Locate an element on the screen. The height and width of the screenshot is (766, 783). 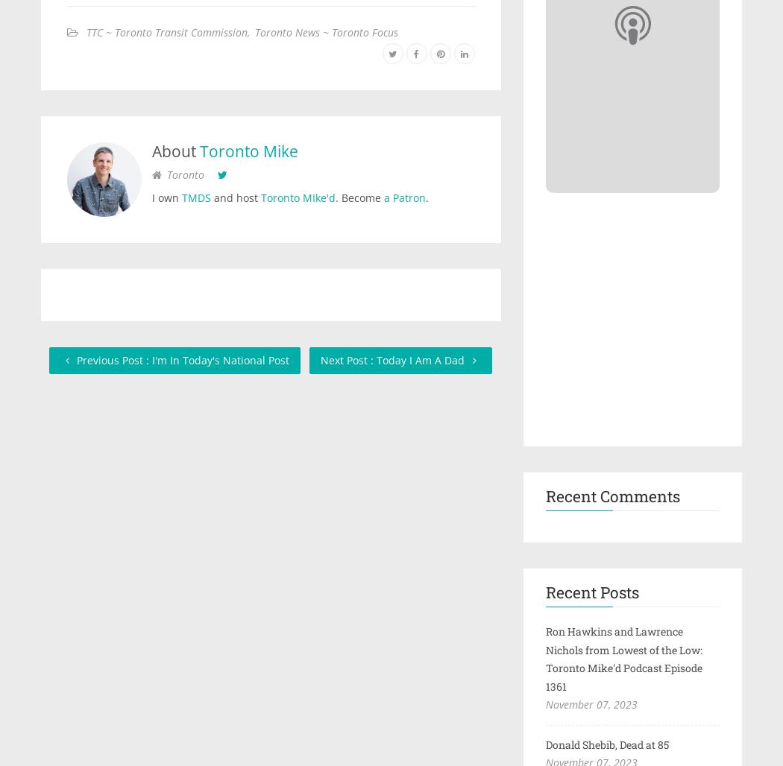
'Donald Shebib, Dead at 85' is located at coordinates (606, 743).